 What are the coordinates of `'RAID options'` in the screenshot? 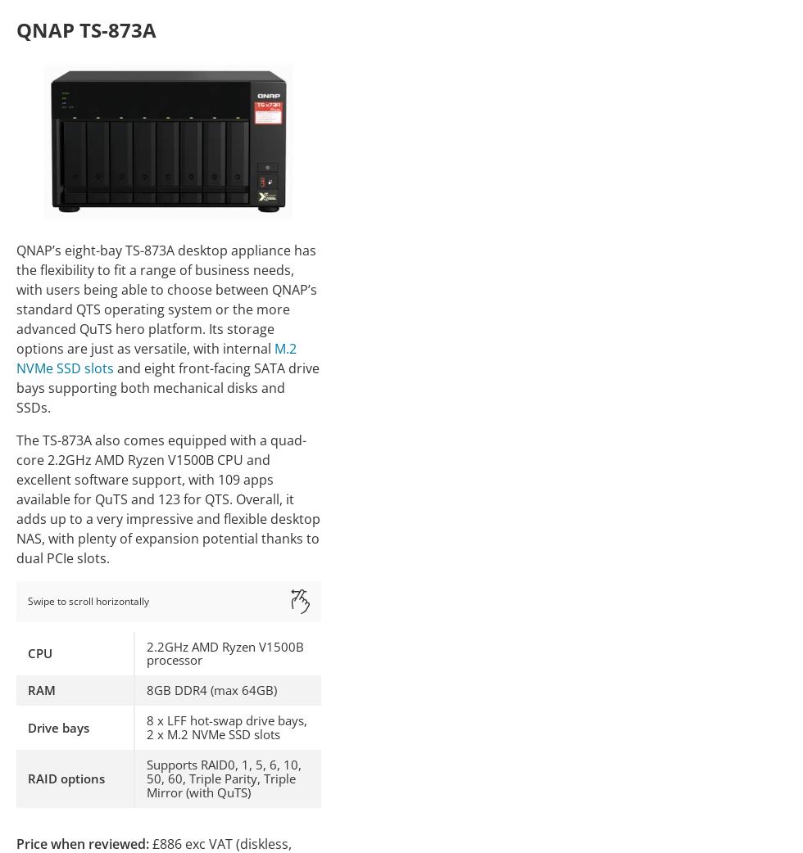 It's located at (66, 776).